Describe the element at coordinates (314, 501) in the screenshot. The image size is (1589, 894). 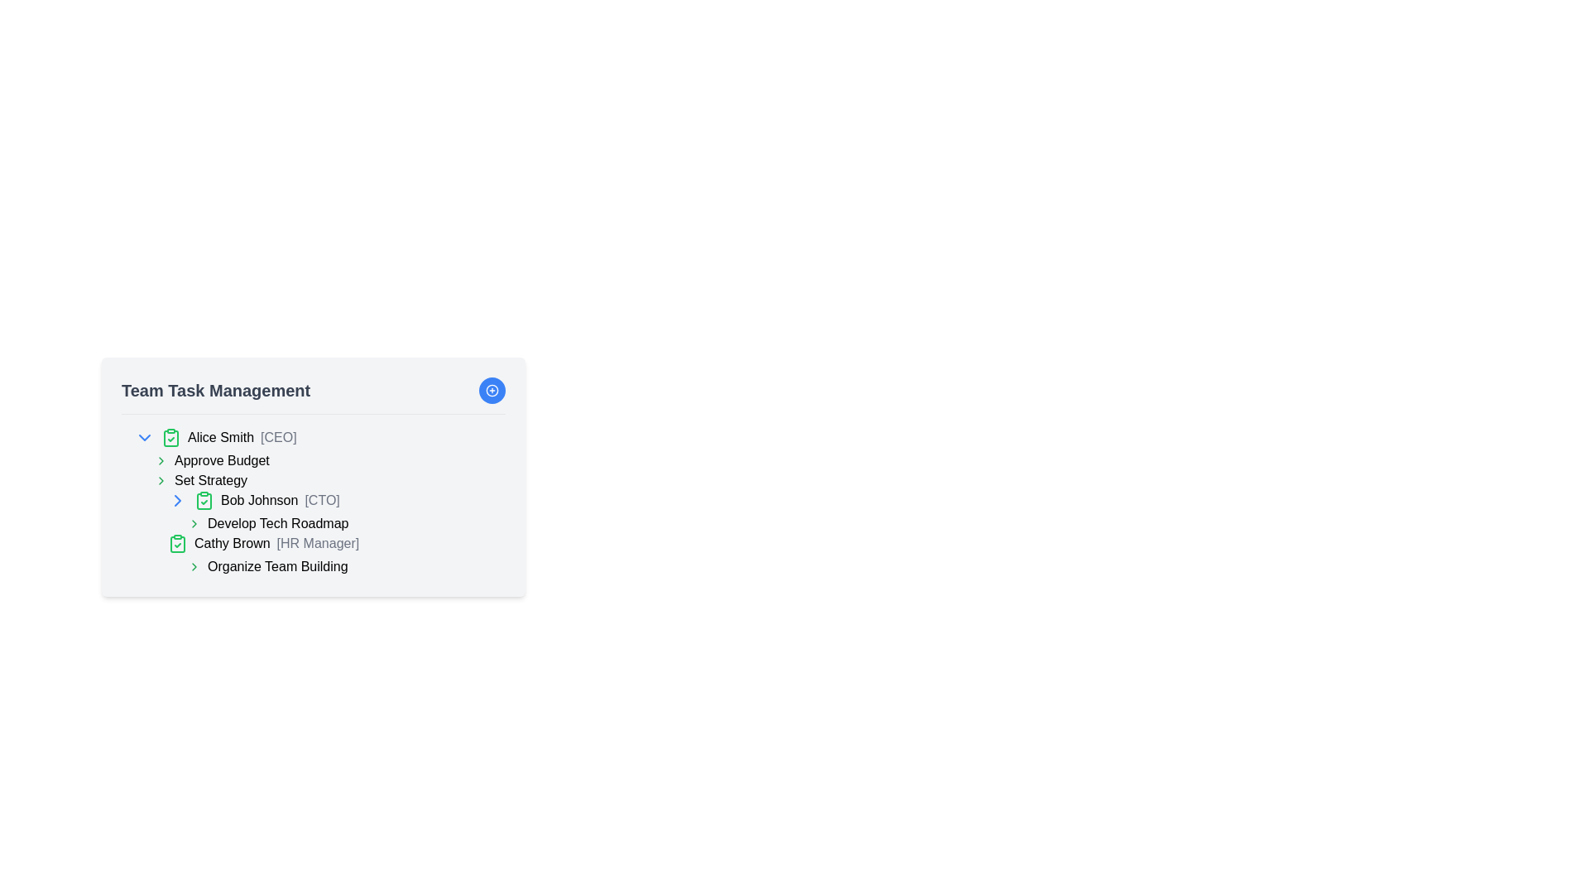
I see `the names in the organized list of team members` at that location.